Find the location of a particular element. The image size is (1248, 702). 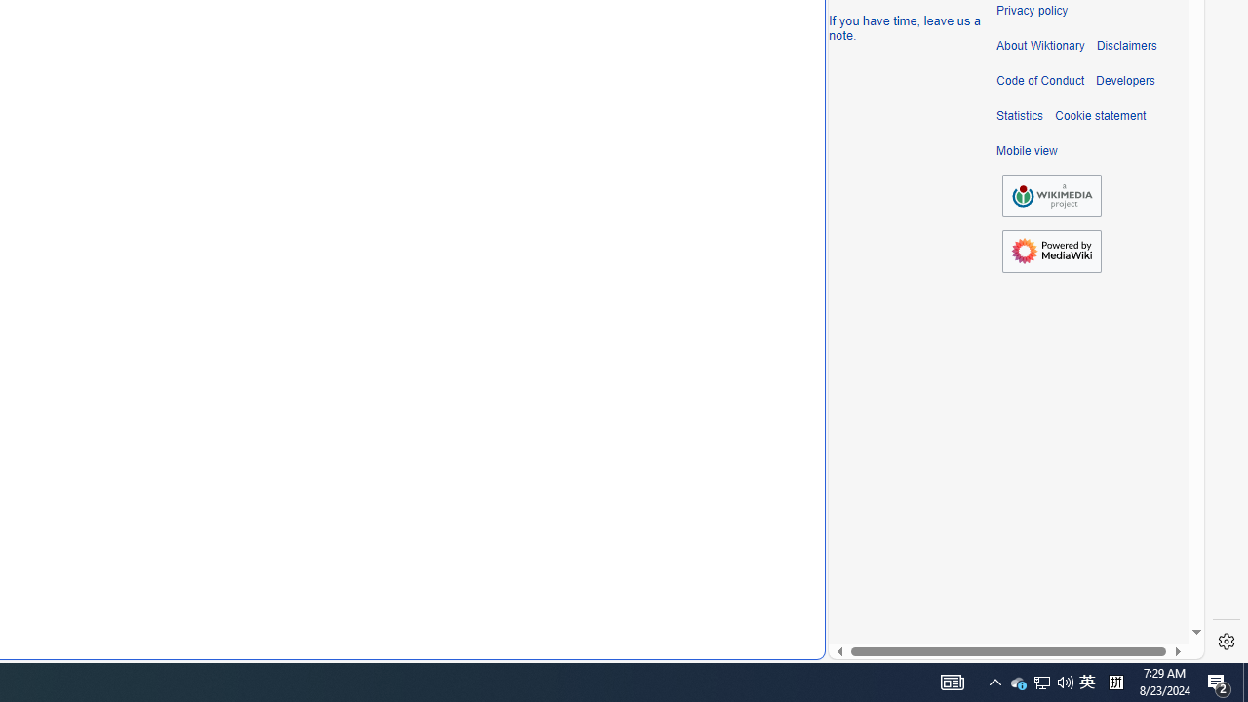

'Powered by MediaWiki' is located at coordinates (1051, 250).